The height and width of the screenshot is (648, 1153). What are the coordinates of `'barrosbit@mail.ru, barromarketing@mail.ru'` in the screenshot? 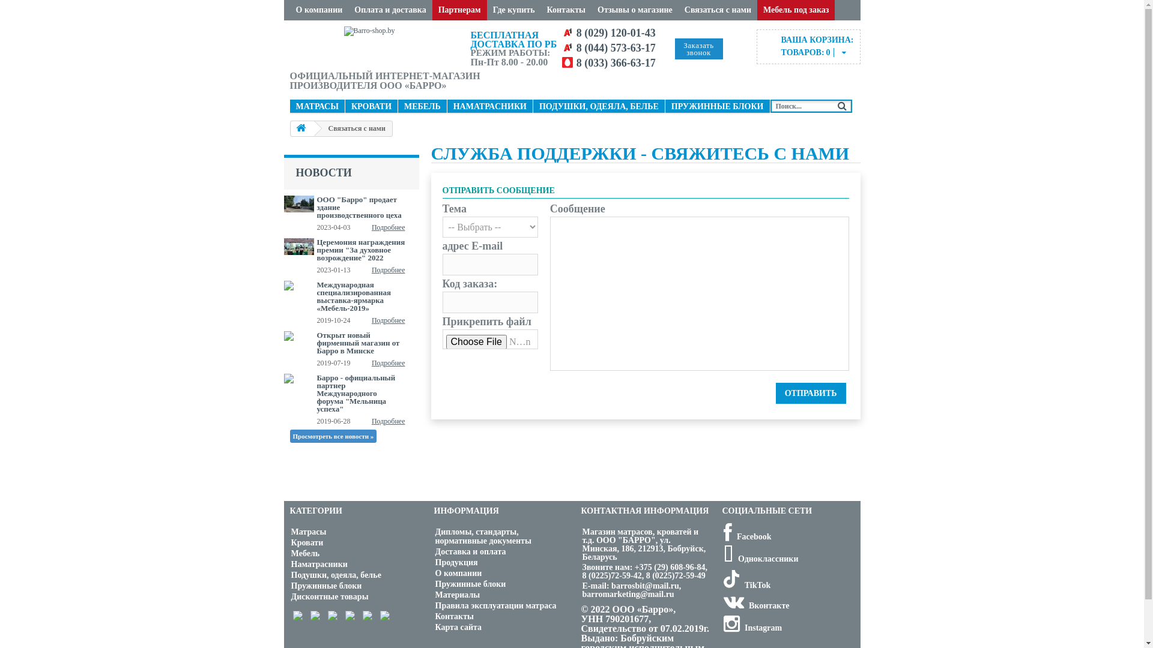 It's located at (631, 589).